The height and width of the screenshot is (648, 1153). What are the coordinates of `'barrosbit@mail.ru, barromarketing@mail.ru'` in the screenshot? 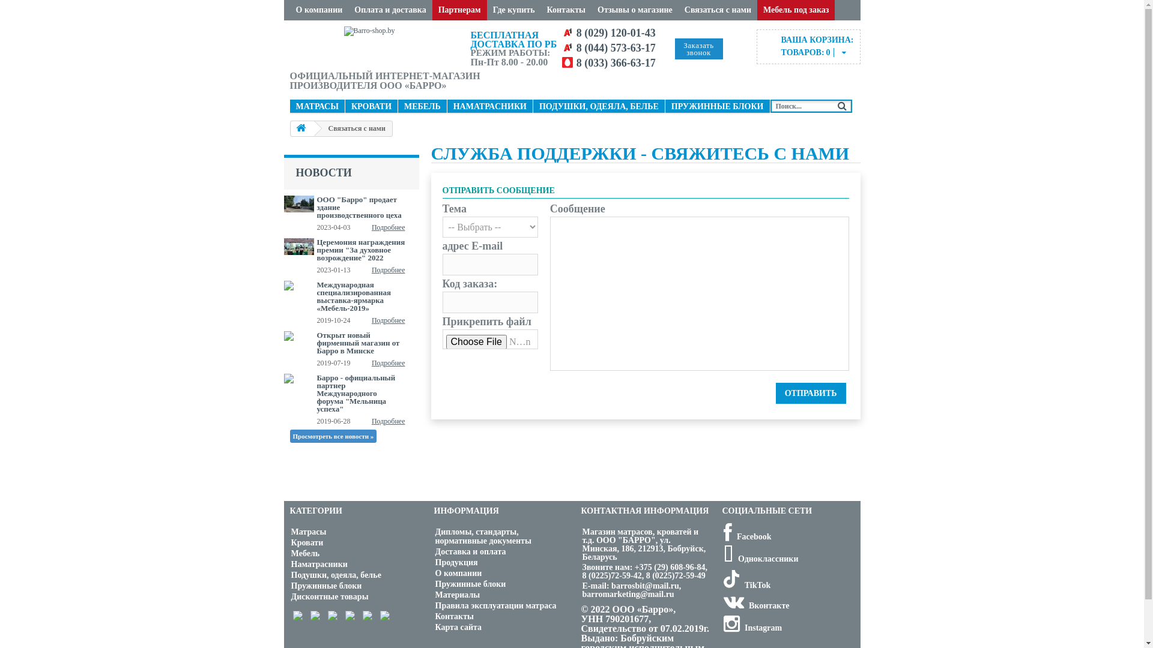 It's located at (631, 589).